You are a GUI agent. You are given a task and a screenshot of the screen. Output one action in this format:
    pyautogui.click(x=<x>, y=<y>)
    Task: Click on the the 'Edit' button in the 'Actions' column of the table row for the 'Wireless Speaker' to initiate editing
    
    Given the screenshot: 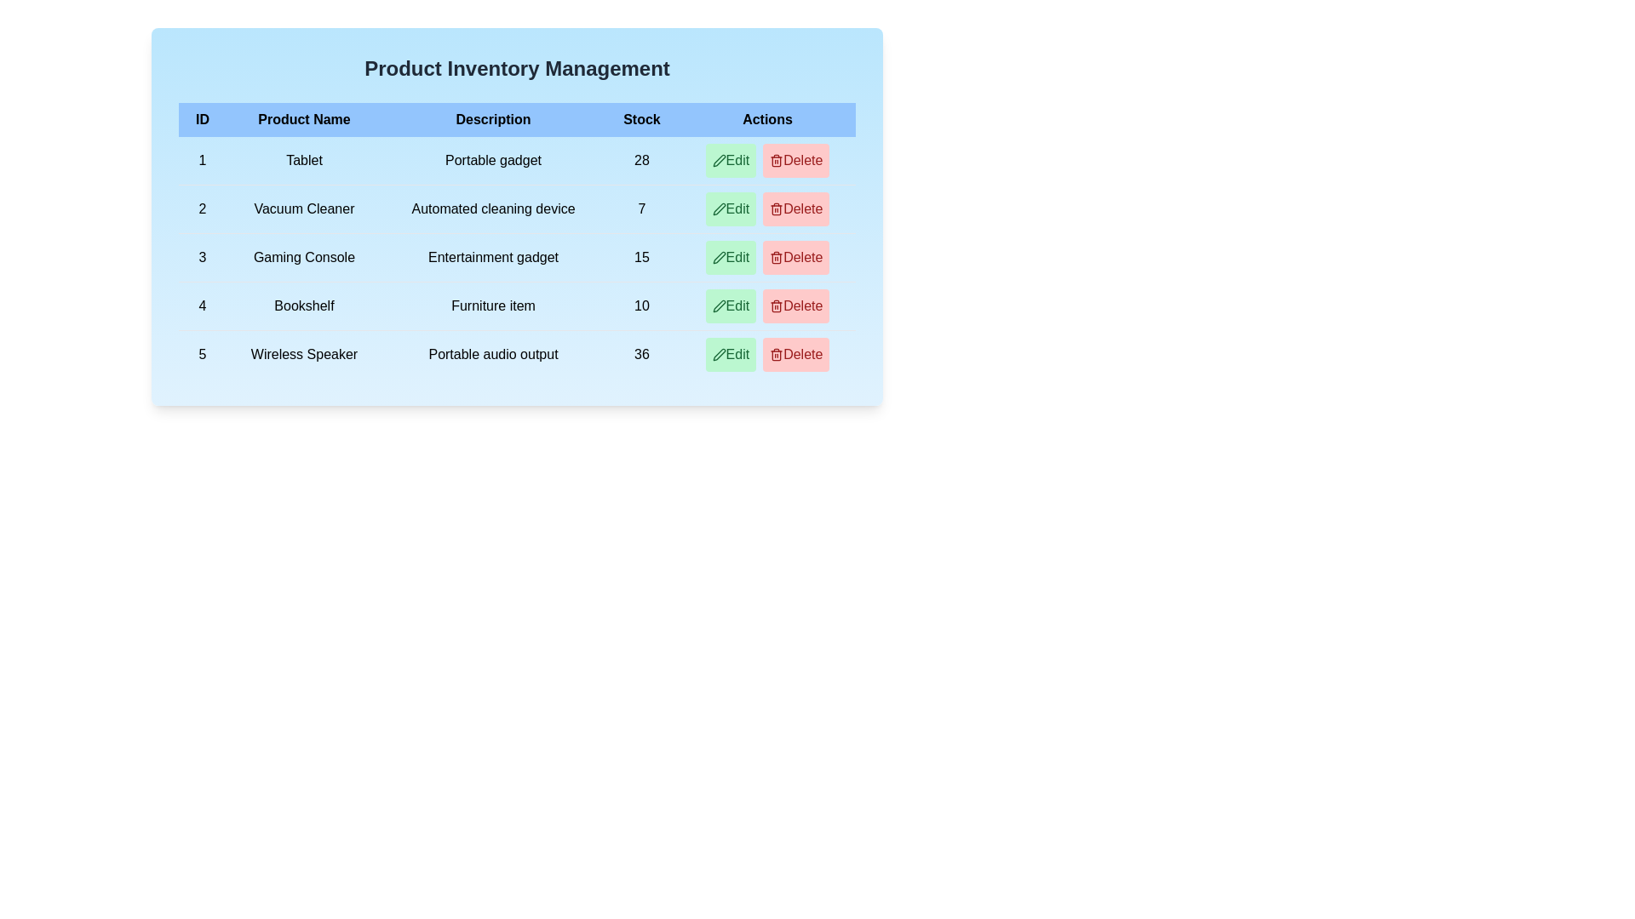 What is the action you would take?
    pyautogui.click(x=731, y=353)
    